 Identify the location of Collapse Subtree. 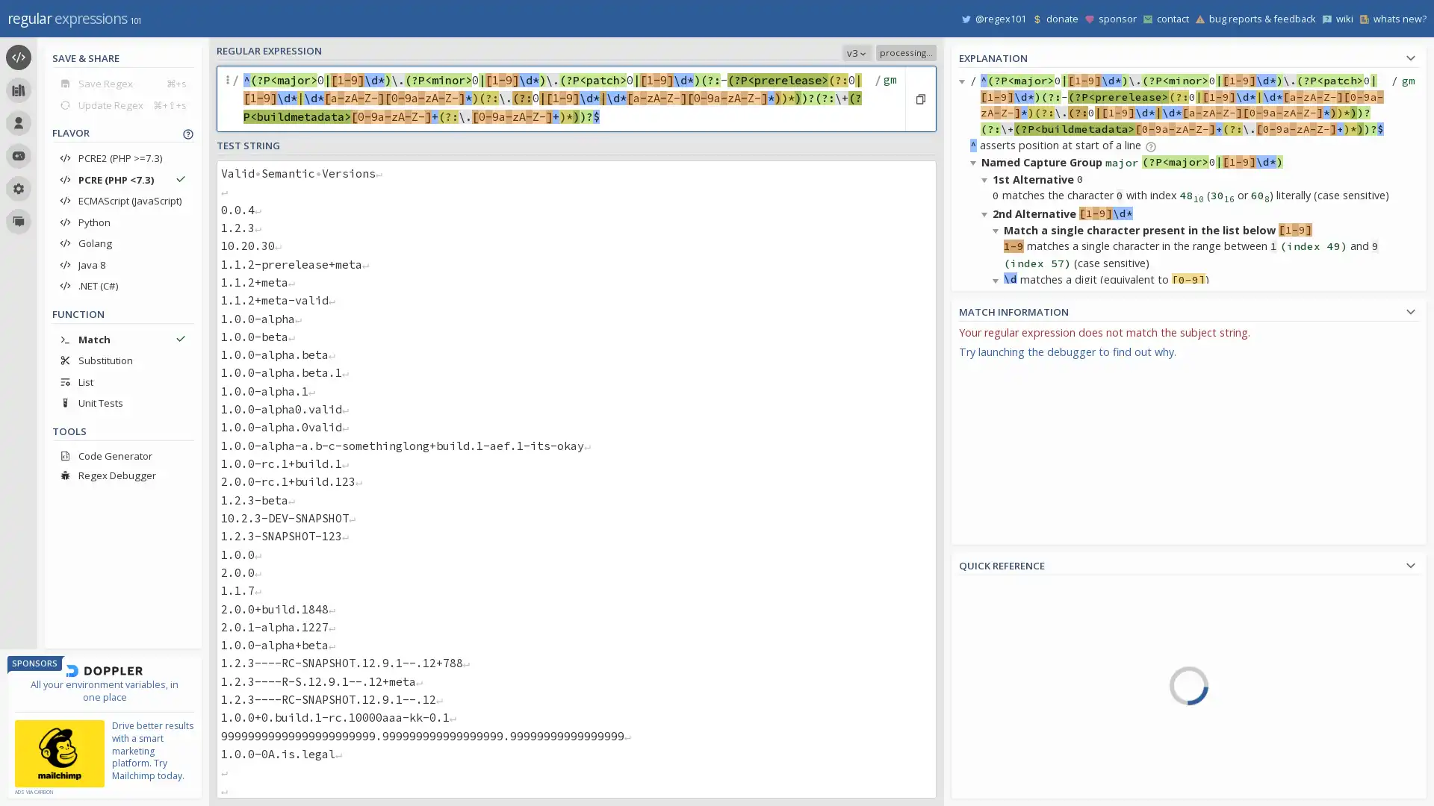
(975, 162).